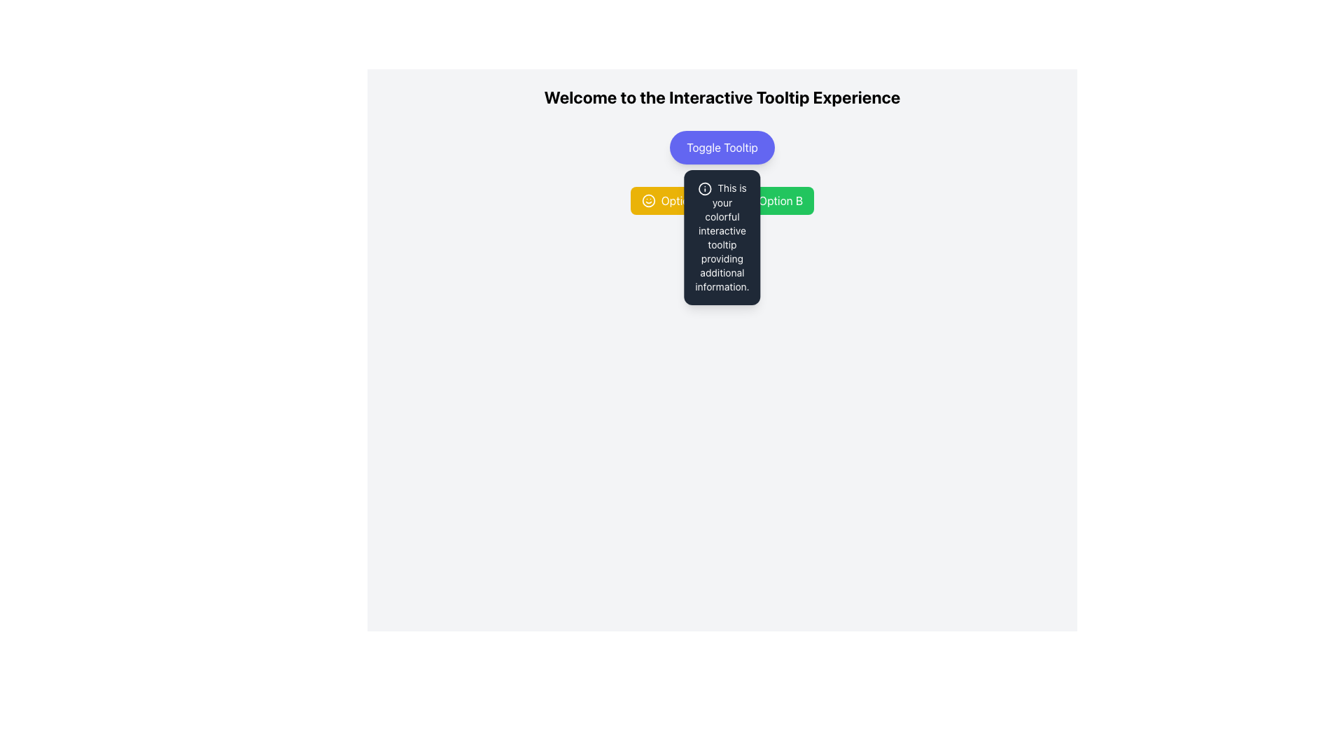 Image resolution: width=1344 pixels, height=756 pixels. What do you see at coordinates (722, 200) in the screenshot?
I see `the 'Option B' button in the Interactive buttons group` at bounding box center [722, 200].